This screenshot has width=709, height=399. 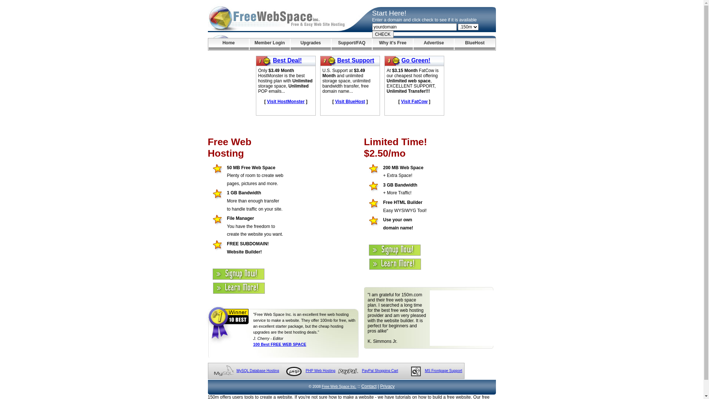 What do you see at coordinates (321, 371) in the screenshot?
I see `'PHP Web Hosting'` at bounding box center [321, 371].